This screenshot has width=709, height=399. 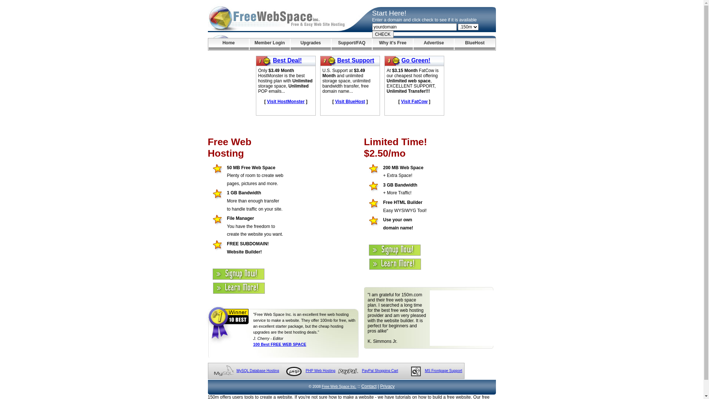 What do you see at coordinates (321, 371) in the screenshot?
I see `'PHP Web Hosting'` at bounding box center [321, 371].